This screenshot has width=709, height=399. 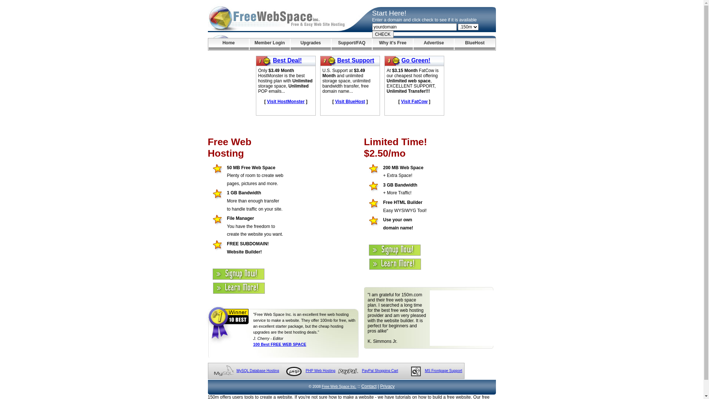 What do you see at coordinates (321, 371) in the screenshot?
I see `'PHP Web Hosting'` at bounding box center [321, 371].